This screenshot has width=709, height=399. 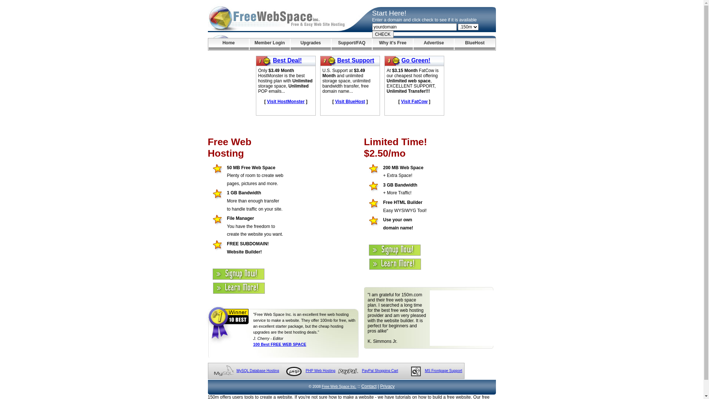 What do you see at coordinates (321, 371) in the screenshot?
I see `'PHP Web Hosting'` at bounding box center [321, 371].